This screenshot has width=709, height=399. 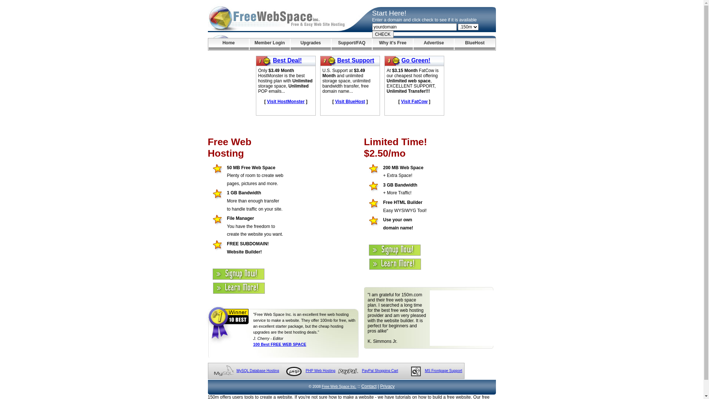 What do you see at coordinates (321, 371) in the screenshot?
I see `'PHP Web Hosting'` at bounding box center [321, 371].